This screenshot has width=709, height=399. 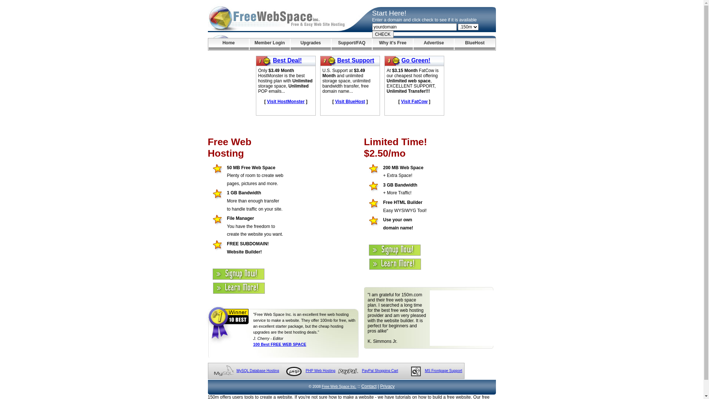 What do you see at coordinates (321, 371) in the screenshot?
I see `'PHP Web Hosting'` at bounding box center [321, 371].